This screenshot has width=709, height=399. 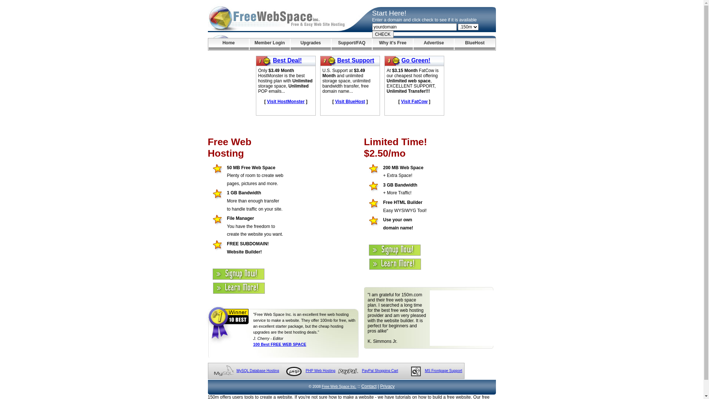 What do you see at coordinates (321, 371) in the screenshot?
I see `'PHP Web Hosting'` at bounding box center [321, 371].